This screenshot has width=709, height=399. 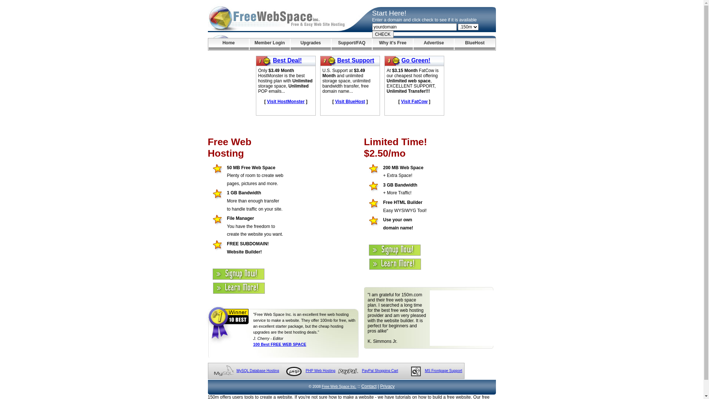 What do you see at coordinates (321, 371) in the screenshot?
I see `'PHP Web Hosting'` at bounding box center [321, 371].